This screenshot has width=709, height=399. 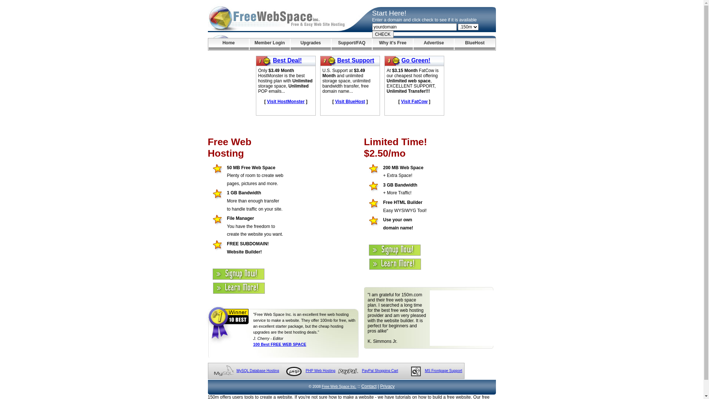 What do you see at coordinates (321, 371) in the screenshot?
I see `'PHP Web Hosting'` at bounding box center [321, 371].